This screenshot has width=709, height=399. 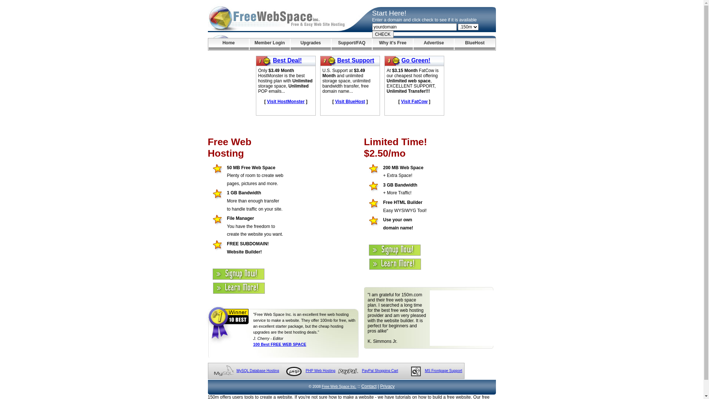 What do you see at coordinates (321, 371) in the screenshot?
I see `'PHP Web Hosting'` at bounding box center [321, 371].